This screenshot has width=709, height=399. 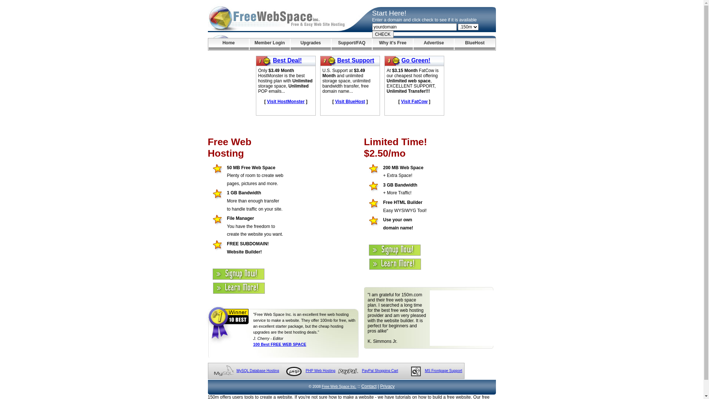 What do you see at coordinates (321, 371) in the screenshot?
I see `'PHP Web Hosting'` at bounding box center [321, 371].